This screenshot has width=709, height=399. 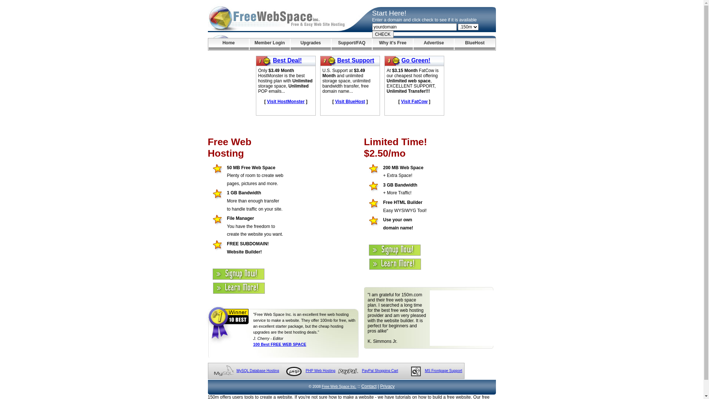 What do you see at coordinates (321, 371) in the screenshot?
I see `'PHP Web Hosting'` at bounding box center [321, 371].